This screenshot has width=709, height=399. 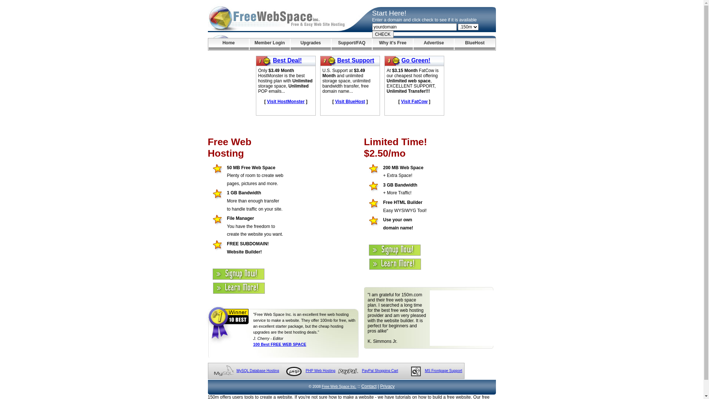 What do you see at coordinates (321, 371) in the screenshot?
I see `'PHP Web Hosting'` at bounding box center [321, 371].